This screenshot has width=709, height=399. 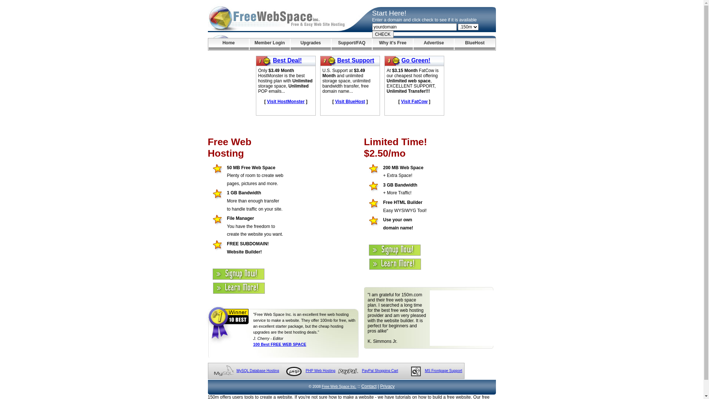 What do you see at coordinates (321, 371) in the screenshot?
I see `'PHP Web Hosting'` at bounding box center [321, 371].